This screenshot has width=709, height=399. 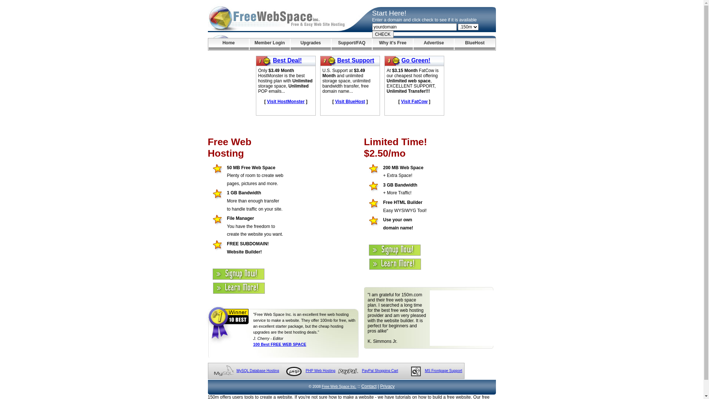 What do you see at coordinates (321, 371) in the screenshot?
I see `'PHP Web Hosting'` at bounding box center [321, 371].